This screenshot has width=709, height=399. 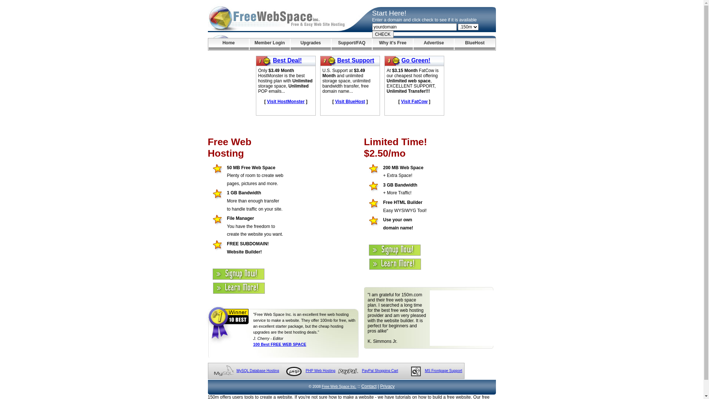 What do you see at coordinates (321, 371) in the screenshot?
I see `'PHP Web Hosting'` at bounding box center [321, 371].